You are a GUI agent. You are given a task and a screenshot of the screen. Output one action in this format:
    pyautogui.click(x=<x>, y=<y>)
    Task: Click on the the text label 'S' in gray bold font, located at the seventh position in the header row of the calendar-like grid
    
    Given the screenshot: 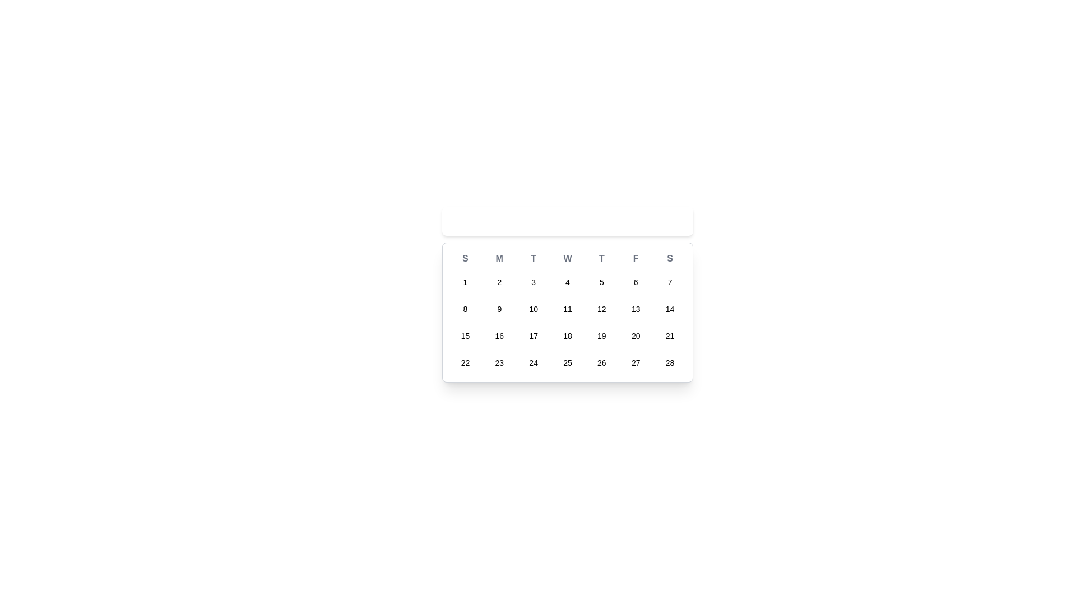 What is the action you would take?
    pyautogui.click(x=670, y=259)
    